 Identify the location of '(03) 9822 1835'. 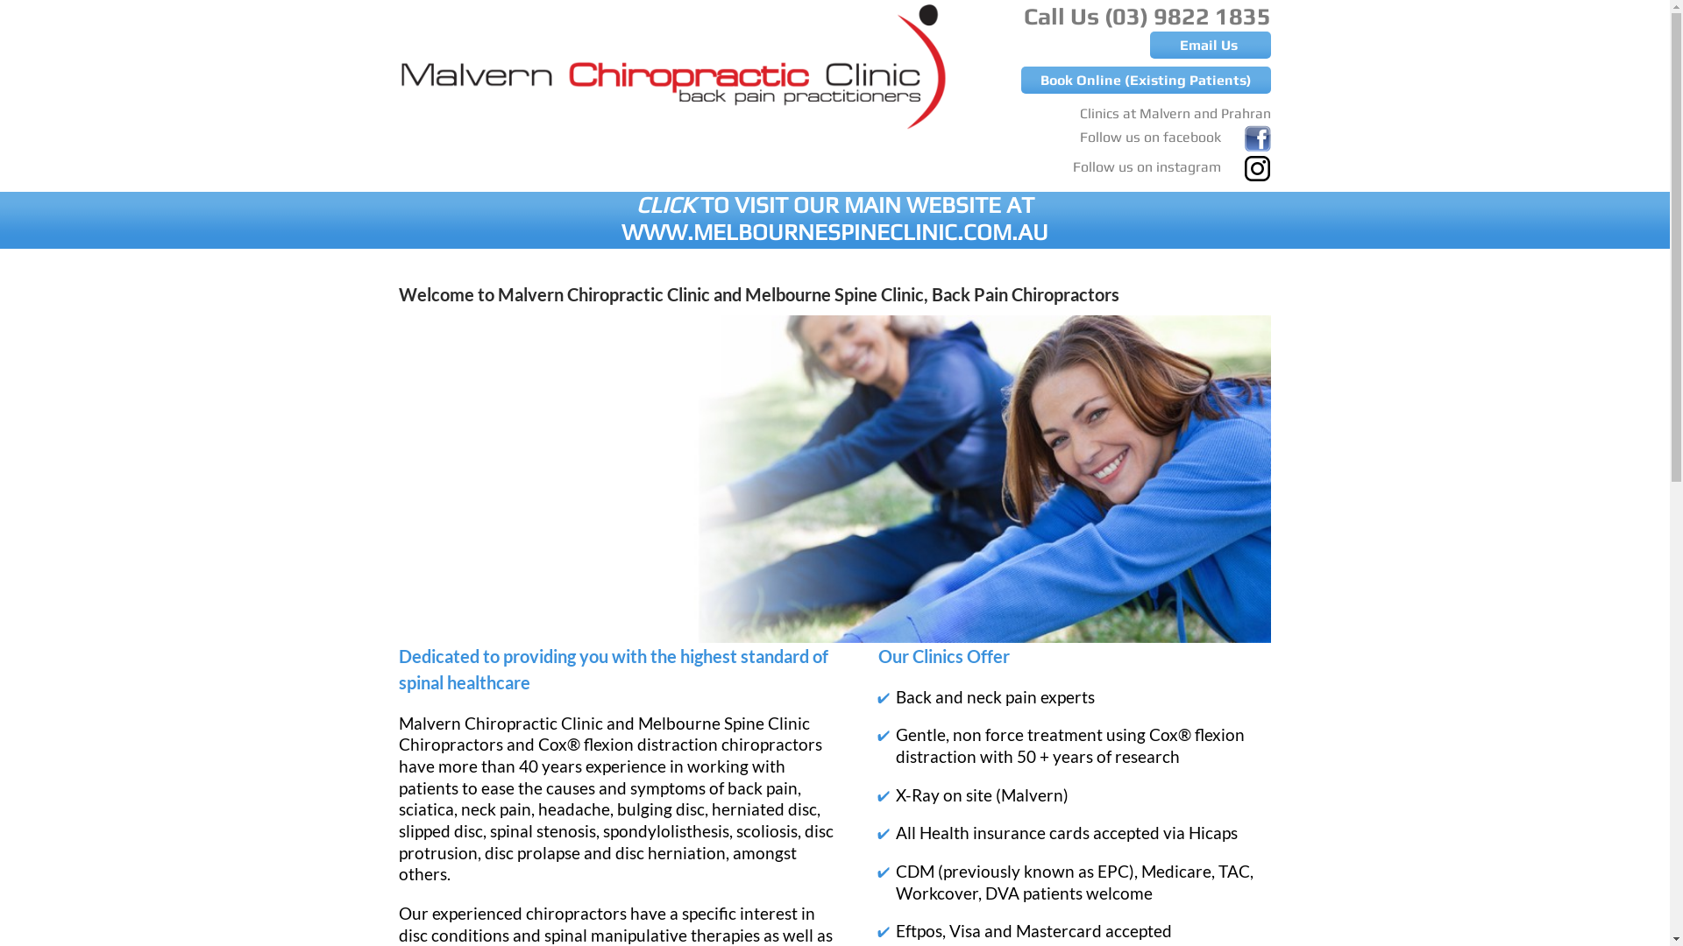
(1187, 16).